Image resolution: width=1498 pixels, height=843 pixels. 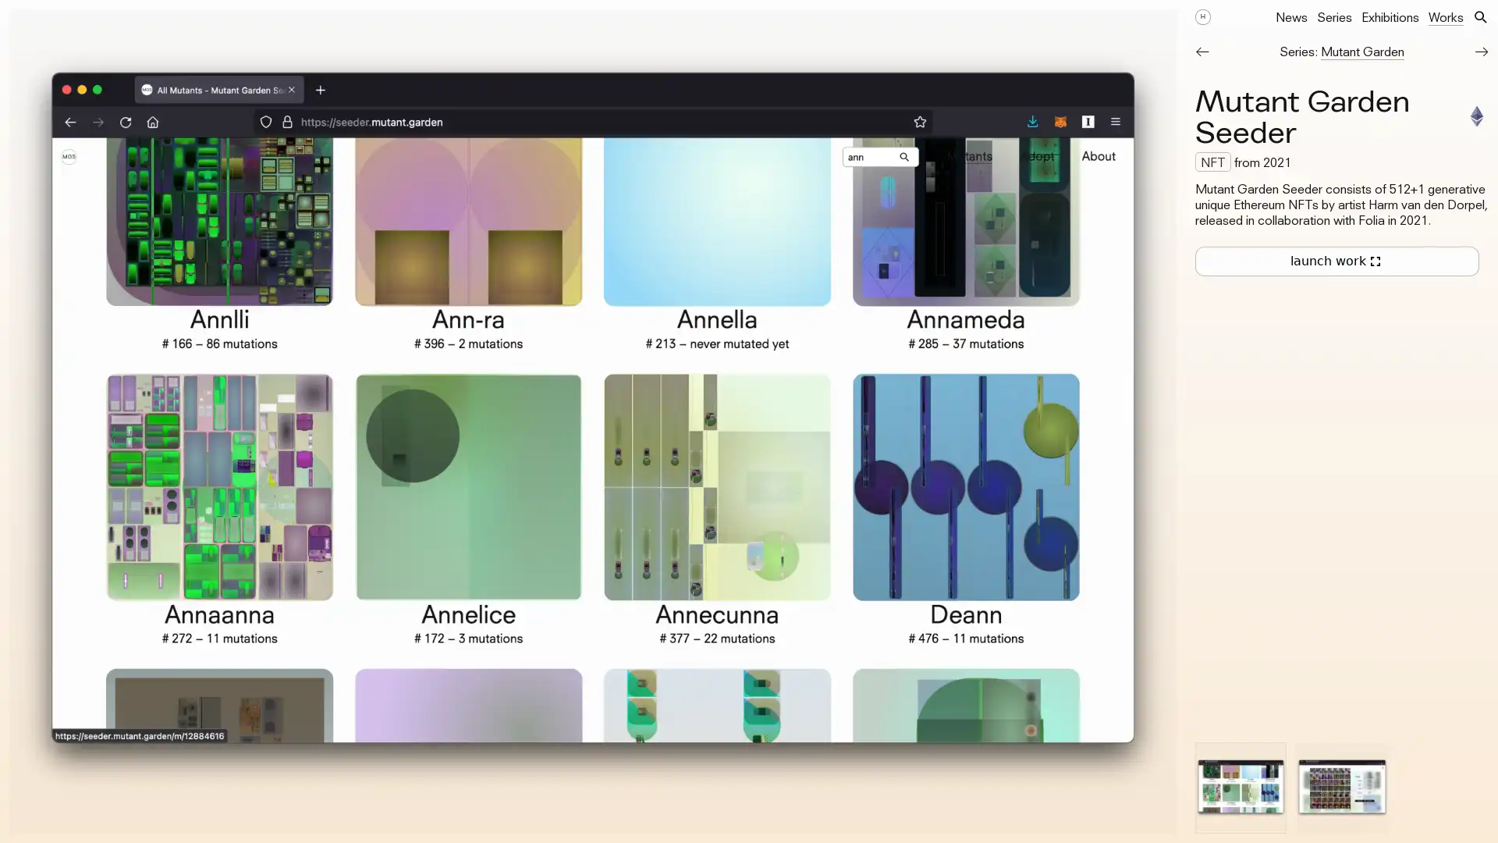 What do you see at coordinates (1336, 261) in the screenshot?
I see `launch work` at bounding box center [1336, 261].